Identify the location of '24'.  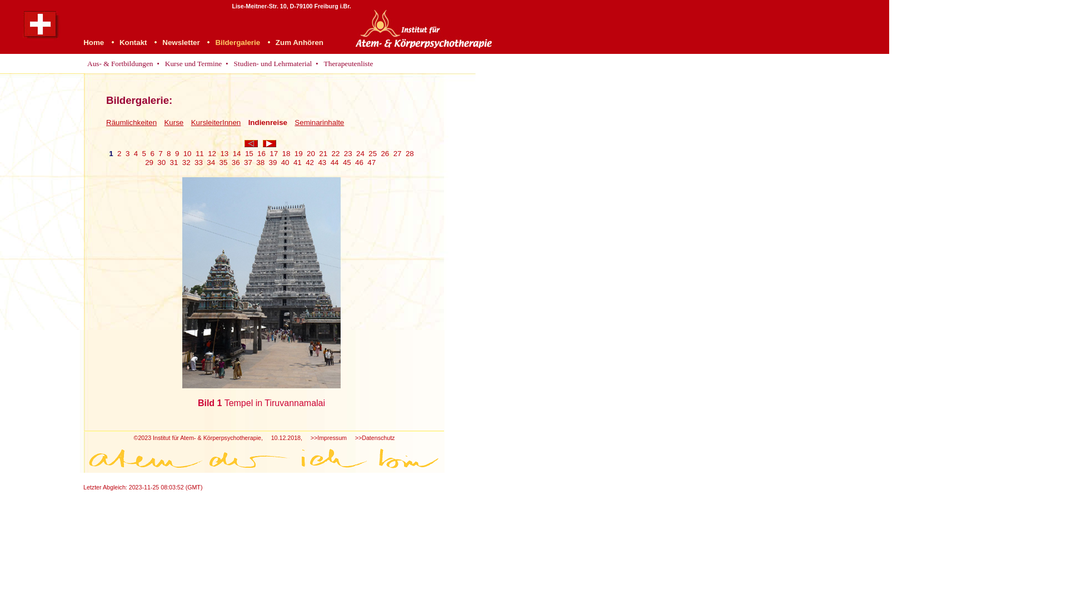
(360, 153).